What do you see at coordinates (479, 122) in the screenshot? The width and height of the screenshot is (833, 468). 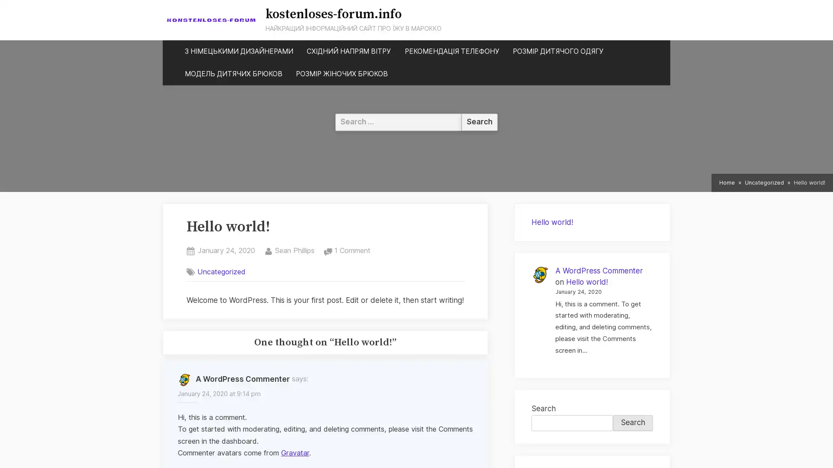 I see `Search` at bounding box center [479, 122].